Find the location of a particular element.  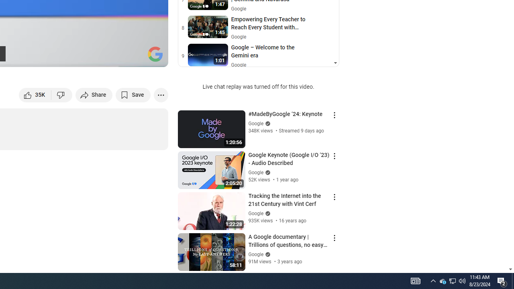

'Full screen (f)' is located at coordinates (153, 57).